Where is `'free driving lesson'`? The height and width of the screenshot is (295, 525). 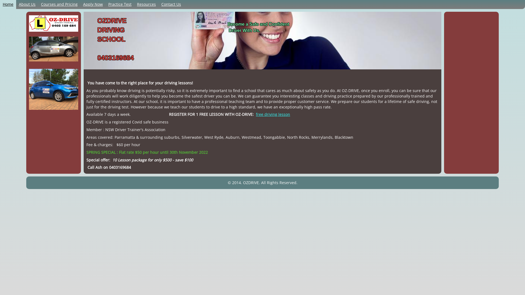 'free driving lesson' is located at coordinates (273, 114).